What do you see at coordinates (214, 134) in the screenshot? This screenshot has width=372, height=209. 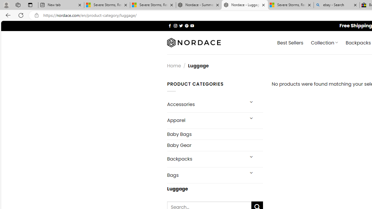 I see `'Baby Bags'` at bounding box center [214, 134].